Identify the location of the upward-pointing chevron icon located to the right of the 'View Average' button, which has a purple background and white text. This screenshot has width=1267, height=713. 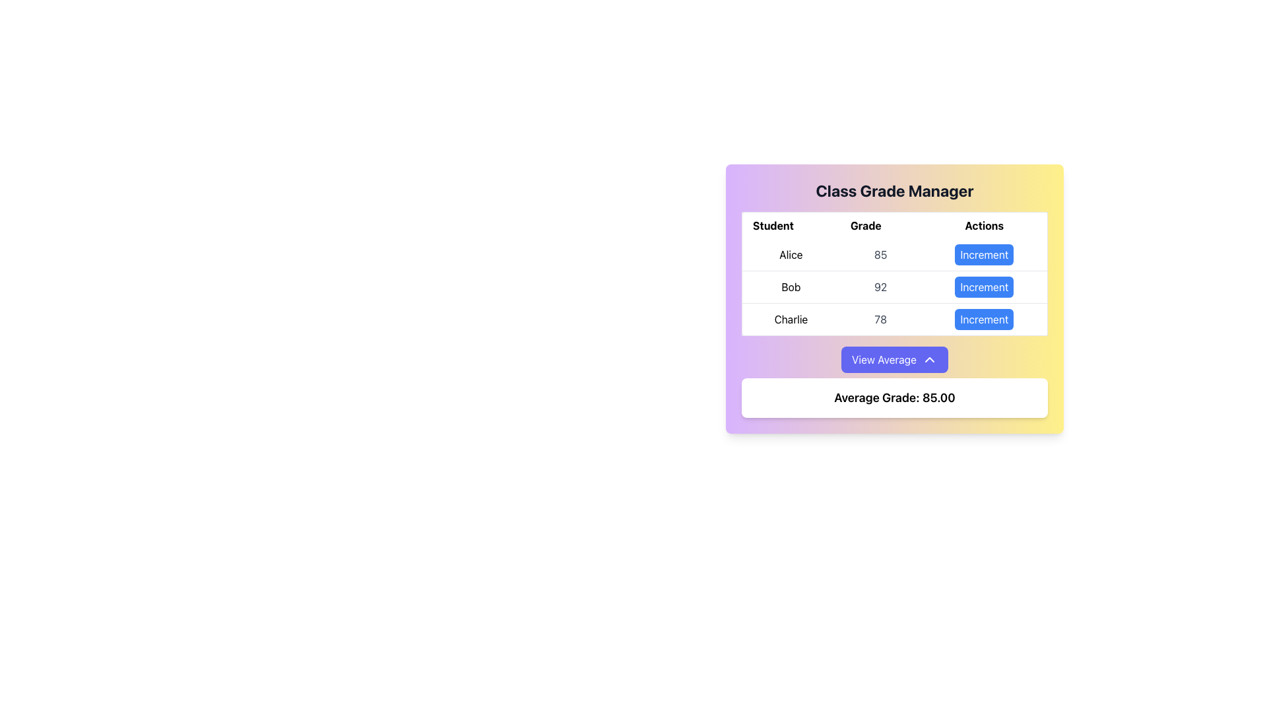
(929, 359).